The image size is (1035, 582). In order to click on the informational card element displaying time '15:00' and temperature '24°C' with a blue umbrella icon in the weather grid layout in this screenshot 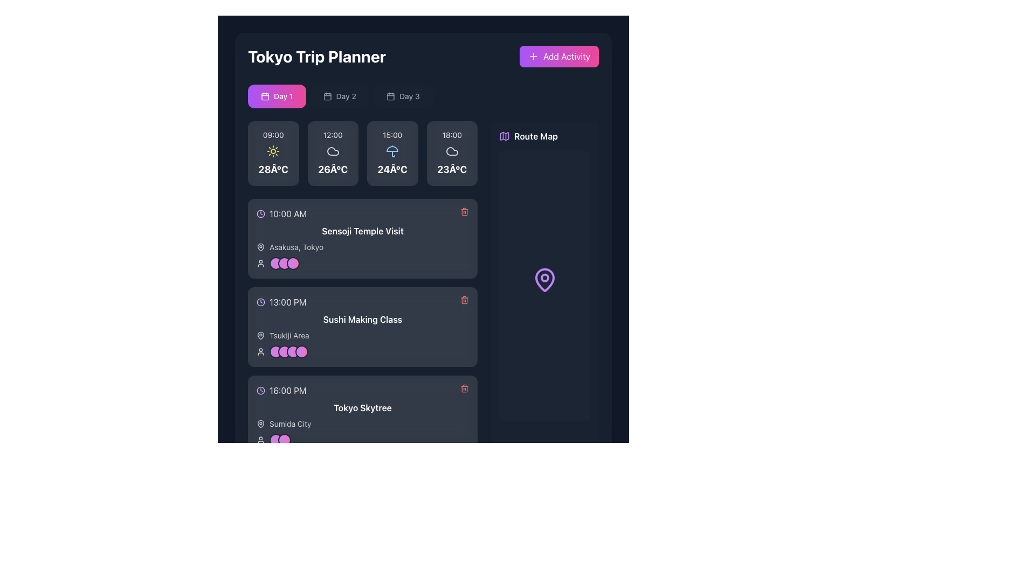, I will do `click(362, 154)`.